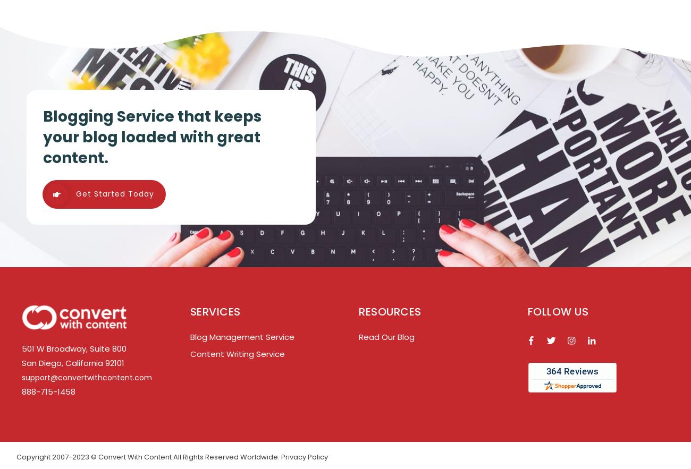  Describe the element at coordinates (72, 362) in the screenshot. I see `'San Diego, California 92101'` at that location.